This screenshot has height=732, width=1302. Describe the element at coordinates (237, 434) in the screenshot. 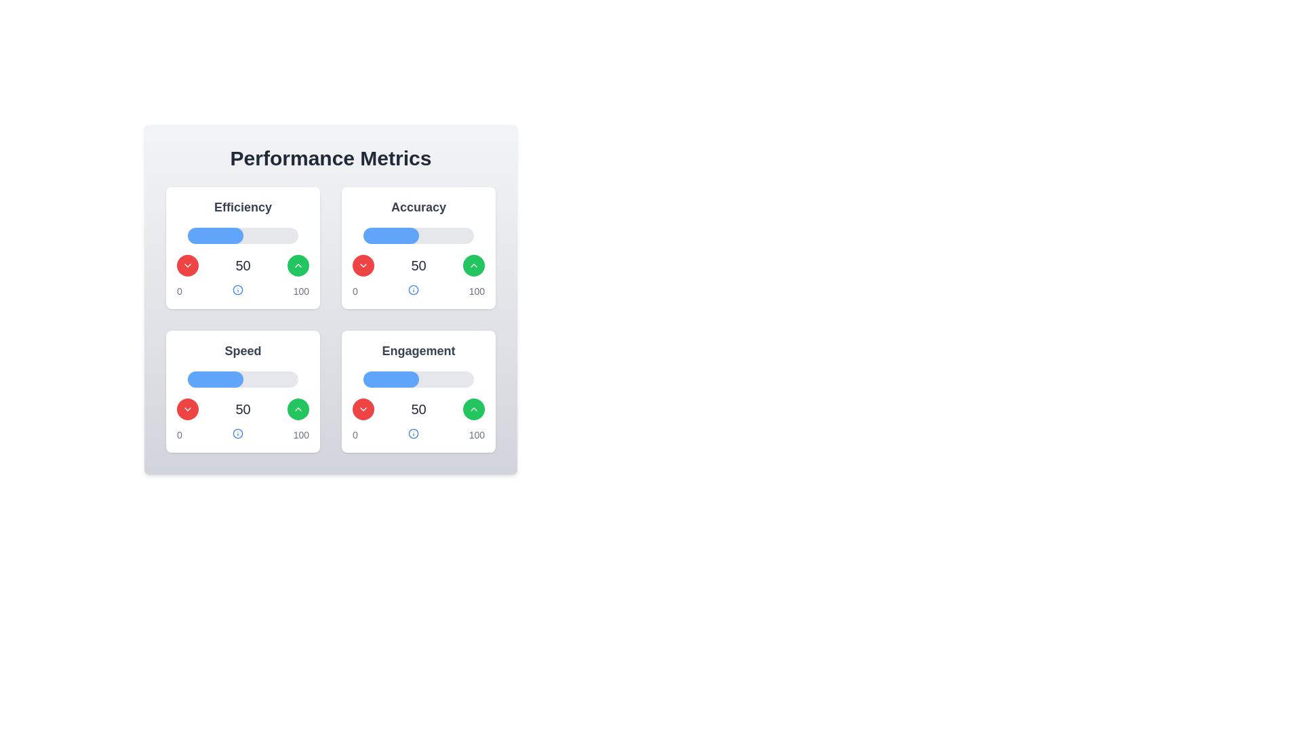

I see `the information icon located in the 'Speed' section, positioned below the '50' value and above '0'` at that location.